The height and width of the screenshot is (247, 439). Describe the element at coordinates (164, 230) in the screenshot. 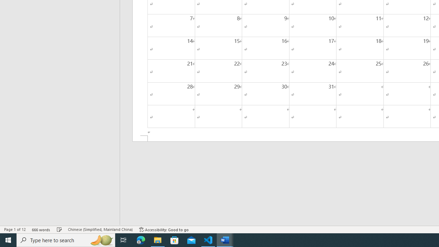

I see `'Accessibility Checker Accessibility: Good to go'` at that location.